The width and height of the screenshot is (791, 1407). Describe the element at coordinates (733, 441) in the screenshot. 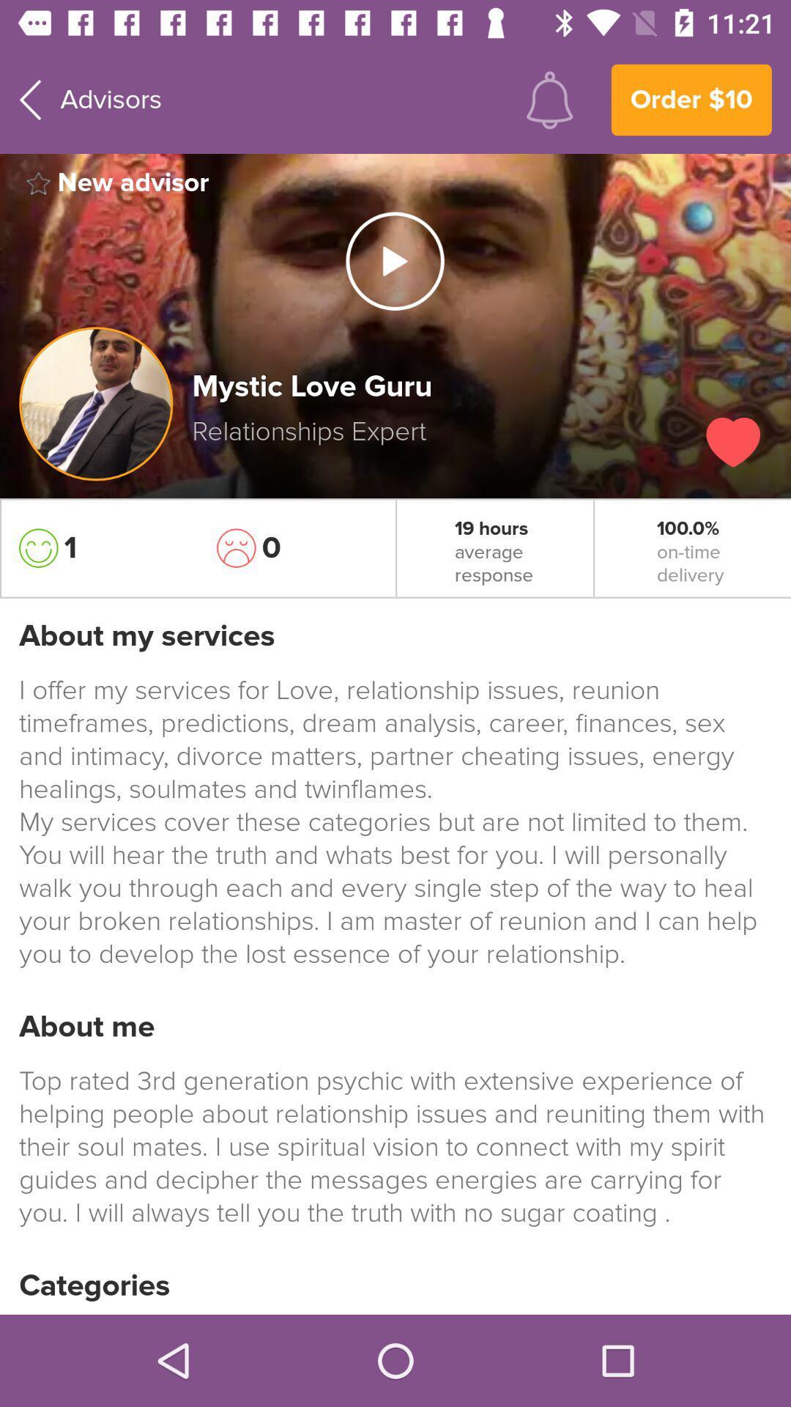

I see `like this profile` at that location.